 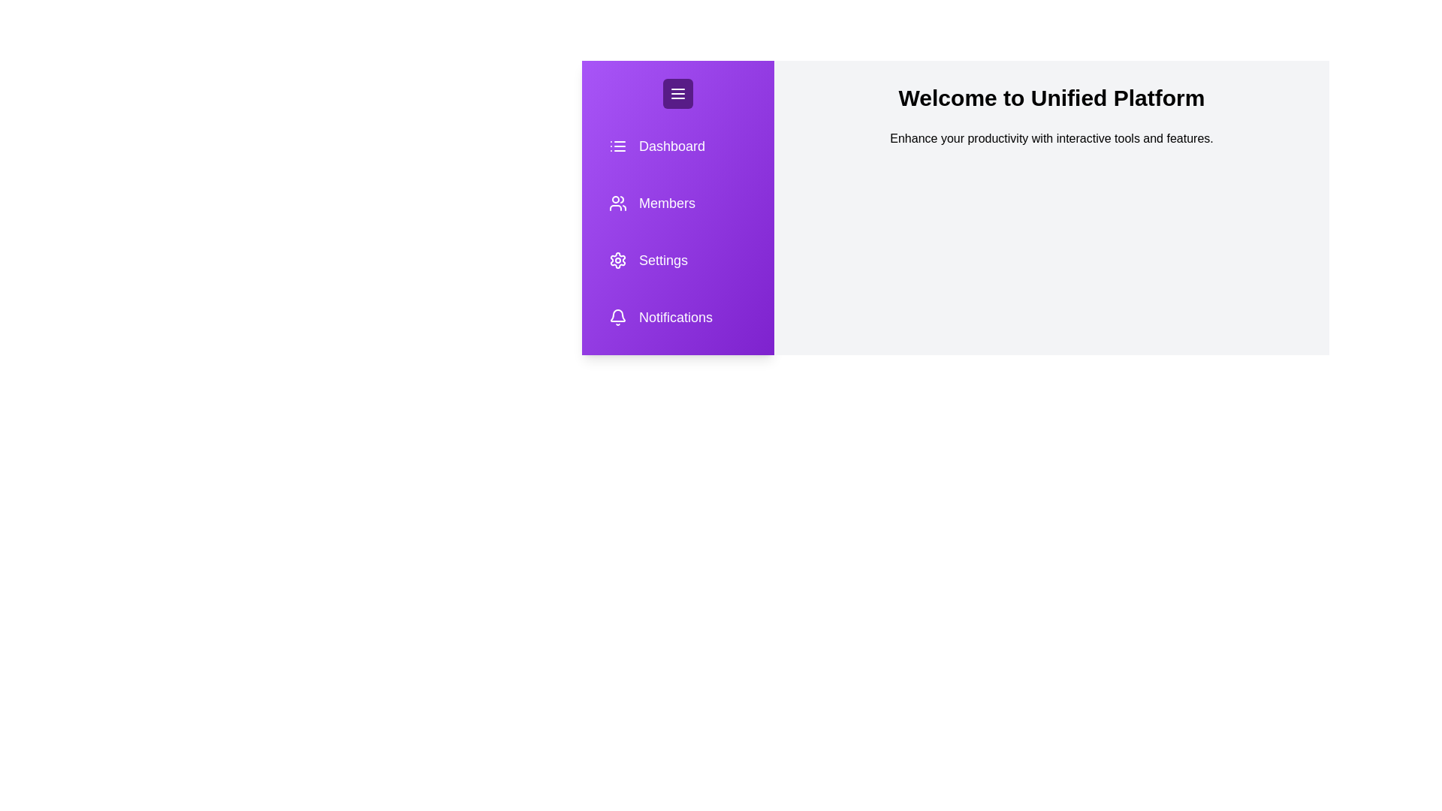 I want to click on the sidebar item labeled Members, so click(x=677, y=203).